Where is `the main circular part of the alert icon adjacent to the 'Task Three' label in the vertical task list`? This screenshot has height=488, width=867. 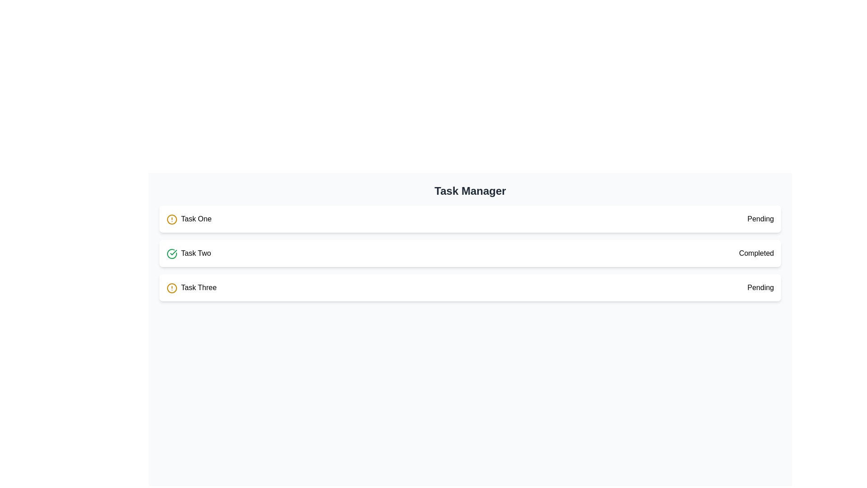
the main circular part of the alert icon adjacent to the 'Task Three' label in the vertical task list is located at coordinates (172, 288).